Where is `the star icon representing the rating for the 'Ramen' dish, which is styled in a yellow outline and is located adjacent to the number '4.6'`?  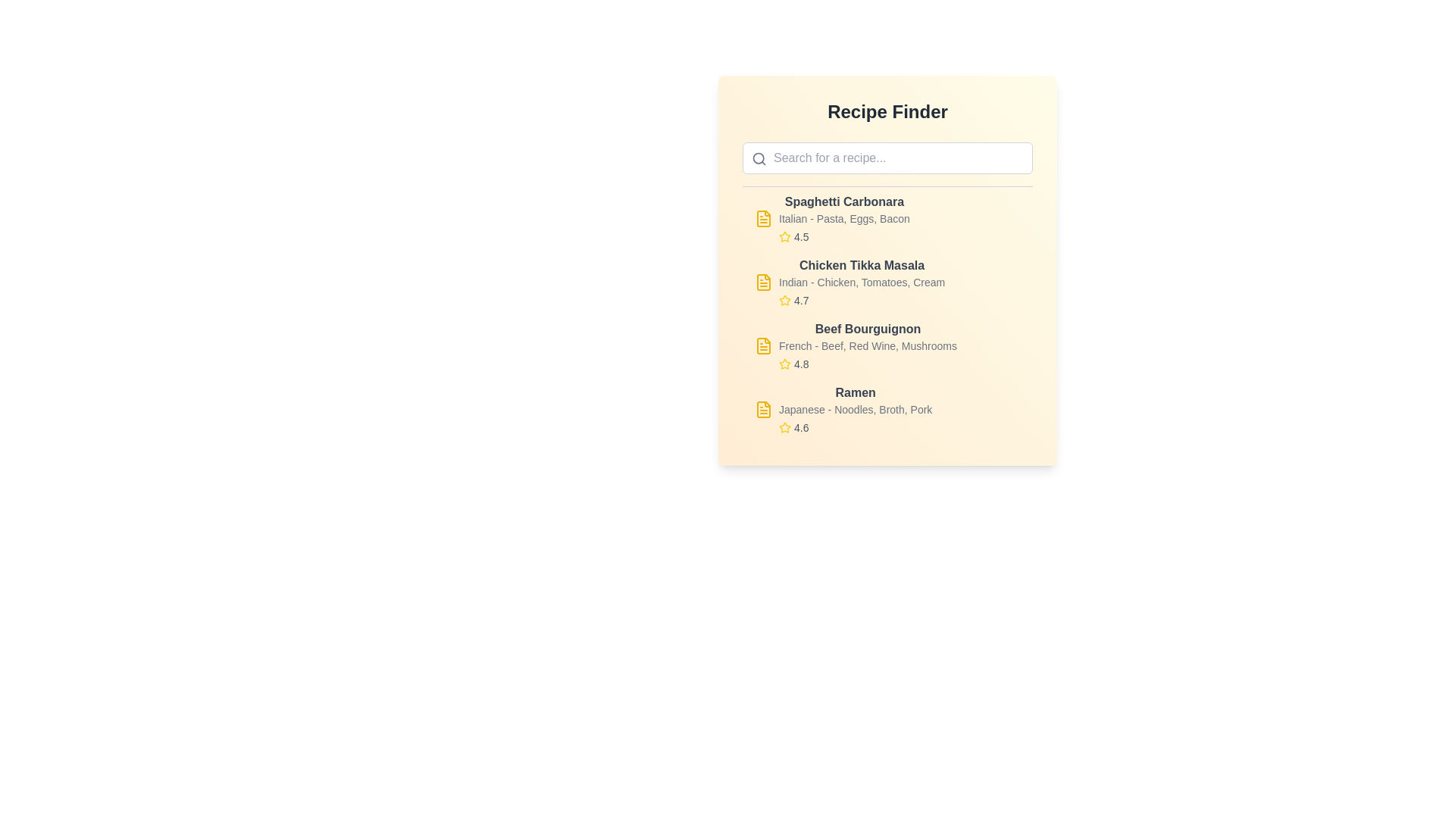
the star icon representing the rating for the 'Ramen' dish, which is styled in a yellow outline and is located adjacent to the number '4.6' is located at coordinates (785, 427).